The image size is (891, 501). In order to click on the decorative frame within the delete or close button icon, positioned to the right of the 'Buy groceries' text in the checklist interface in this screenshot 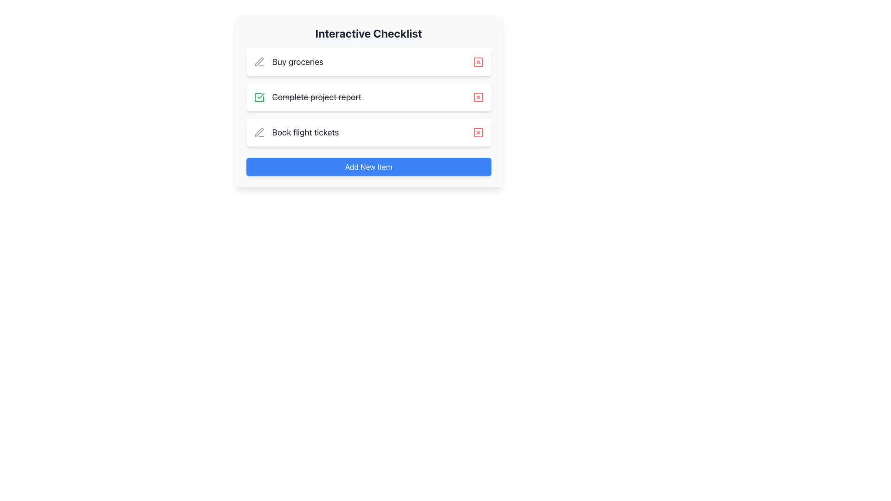, I will do `click(478, 62)`.